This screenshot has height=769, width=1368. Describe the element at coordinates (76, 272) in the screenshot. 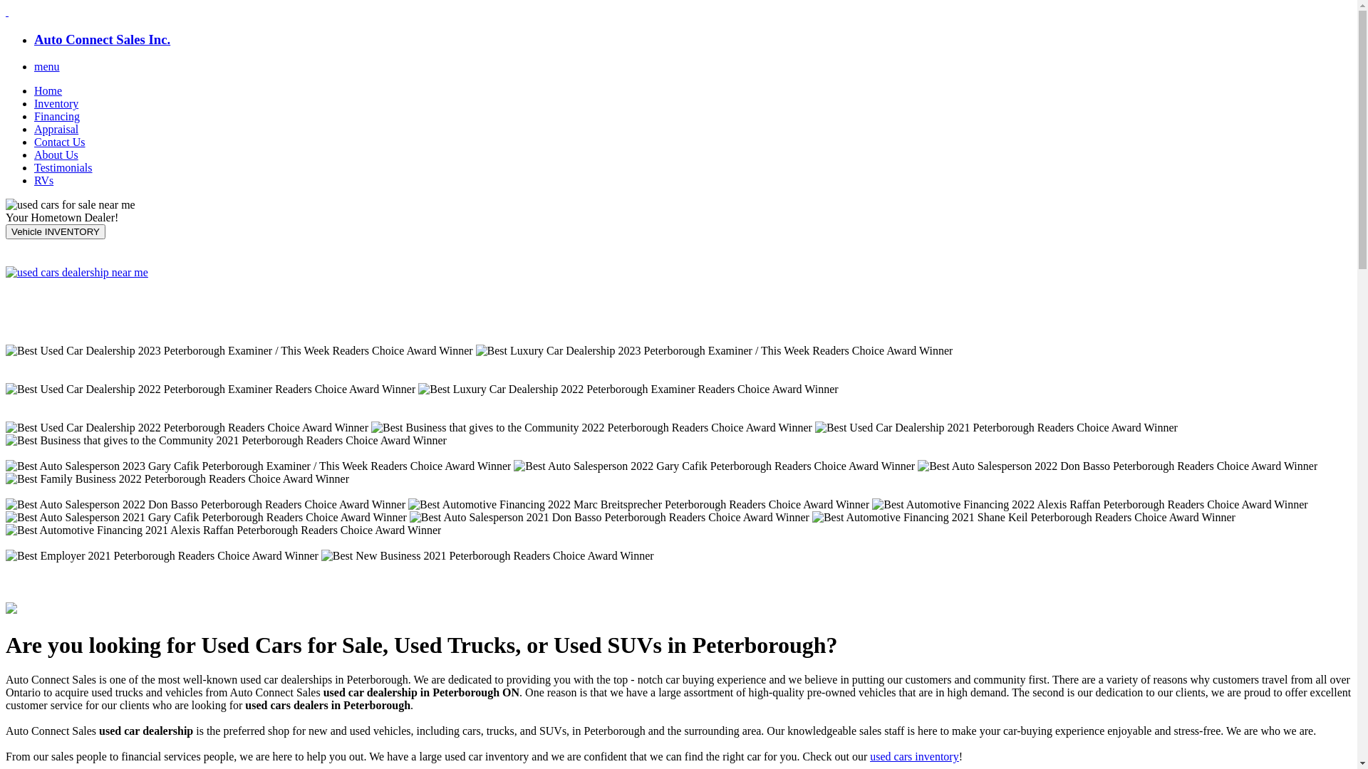

I see `'Click here to Apply Now'` at that location.